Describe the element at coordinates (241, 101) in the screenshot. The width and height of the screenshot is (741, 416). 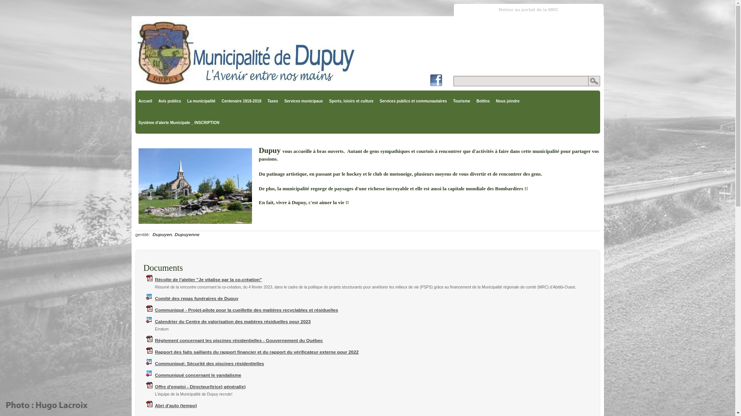
I see `'Centenaire 1918-2018'` at that location.